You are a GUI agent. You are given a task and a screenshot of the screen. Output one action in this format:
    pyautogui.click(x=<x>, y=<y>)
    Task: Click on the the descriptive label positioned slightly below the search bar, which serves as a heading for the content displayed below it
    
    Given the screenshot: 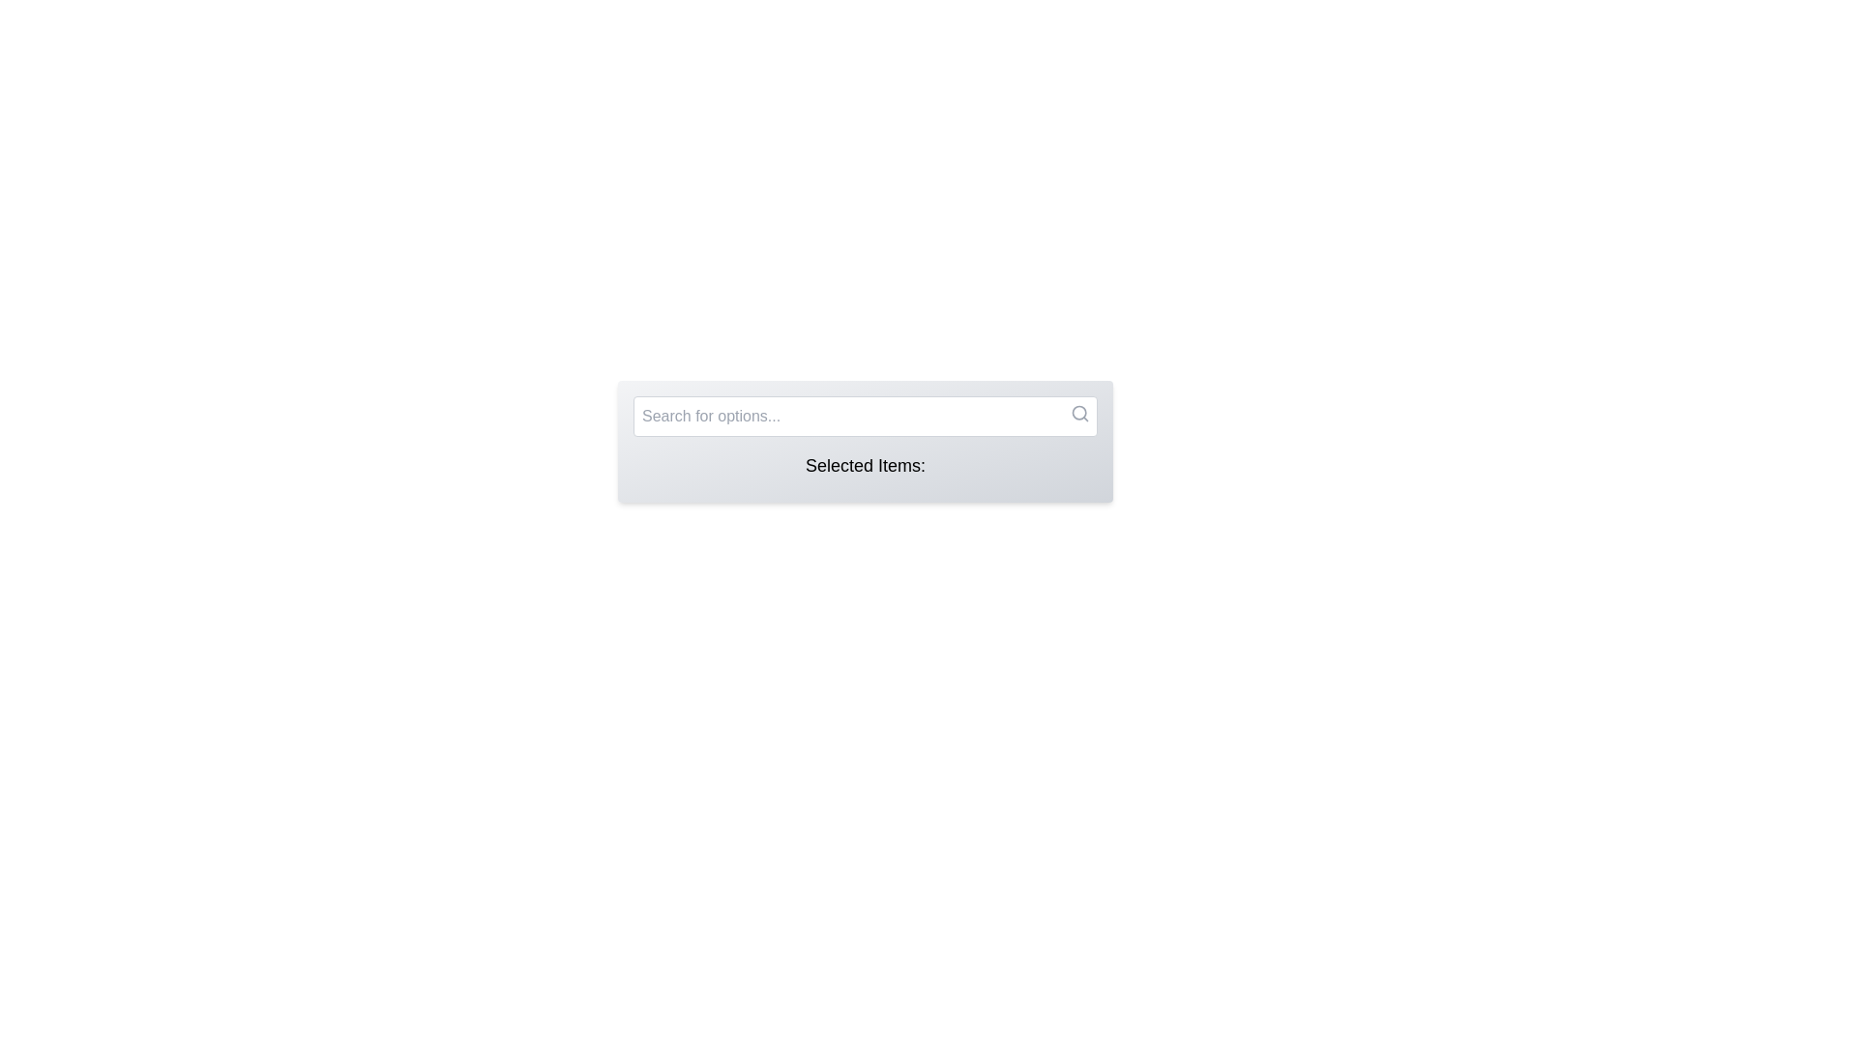 What is the action you would take?
    pyautogui.click(x=864, y=466)
    